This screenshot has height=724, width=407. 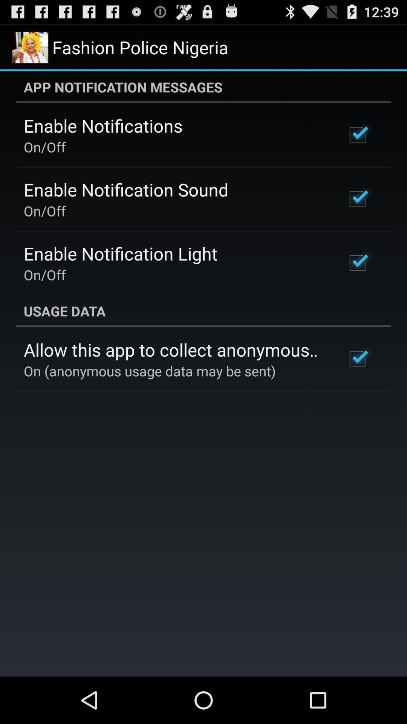 I want to click on the enable notifications, so click(x=103, y=126).